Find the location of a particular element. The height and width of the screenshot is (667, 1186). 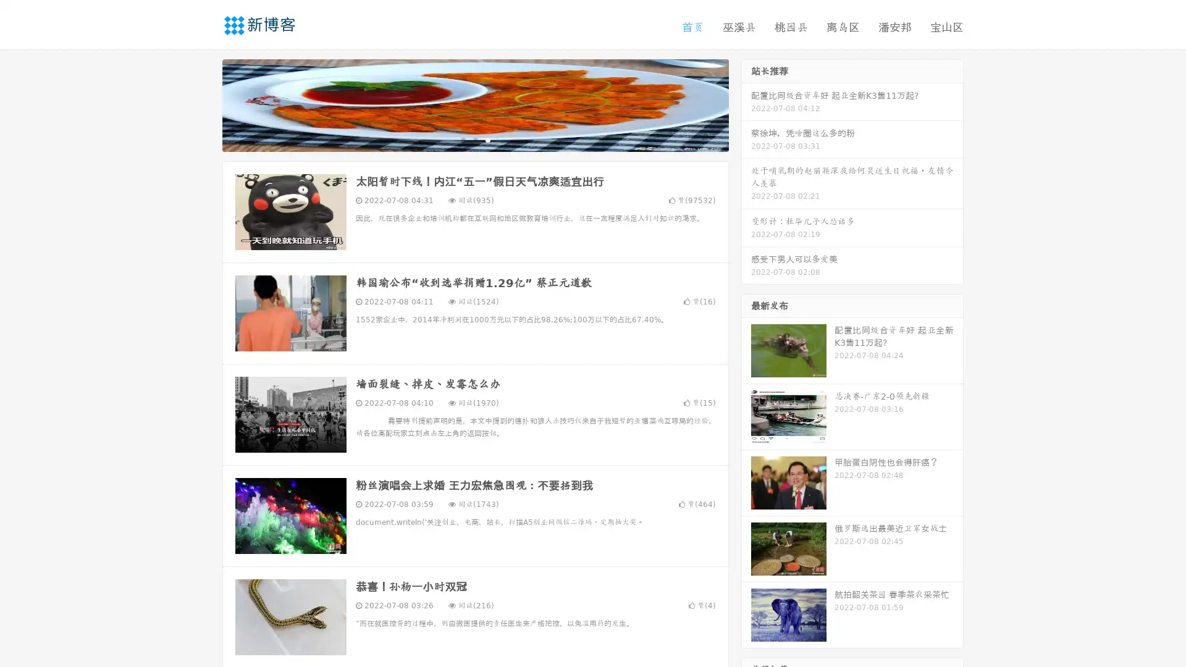

Go to slide 2 is located at coordinates (474, 139).